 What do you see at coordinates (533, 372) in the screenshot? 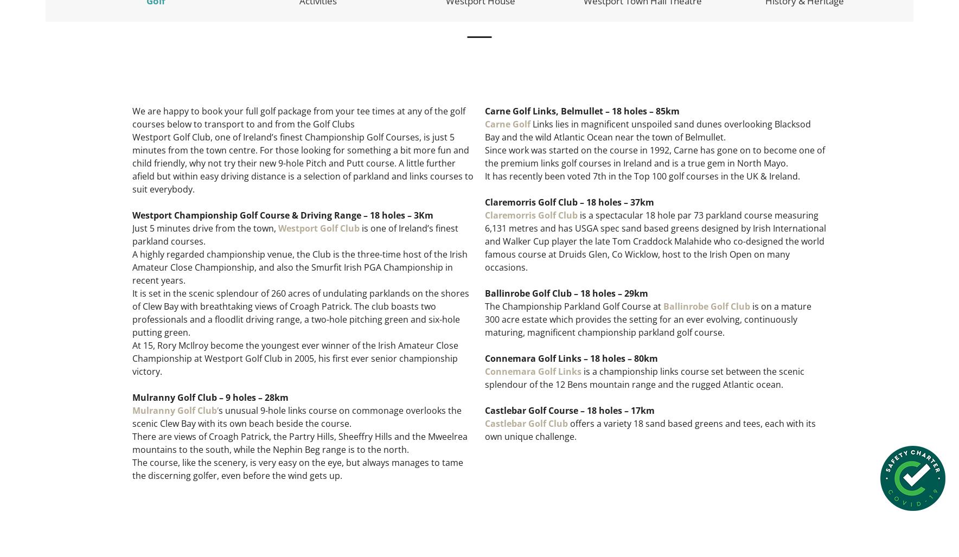
I see `'Connemara Golf Links'` at bounding box center [533, 372].